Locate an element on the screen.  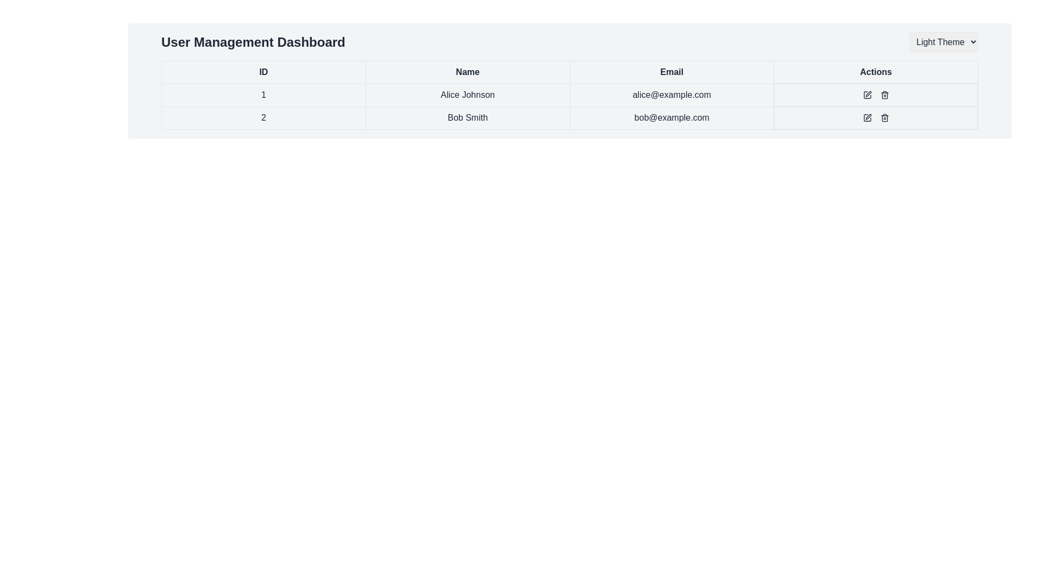
the 'edit' button in the 'Actions' column of the second row, adjacent to the email 'bob@example.com' is located at coordinates (866, 117).